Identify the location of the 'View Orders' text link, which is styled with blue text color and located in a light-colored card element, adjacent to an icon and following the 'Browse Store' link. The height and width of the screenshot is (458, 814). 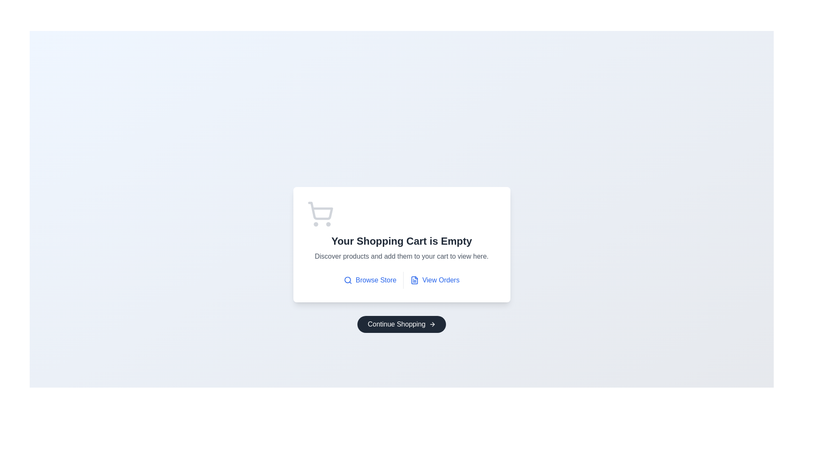
(441, 280).